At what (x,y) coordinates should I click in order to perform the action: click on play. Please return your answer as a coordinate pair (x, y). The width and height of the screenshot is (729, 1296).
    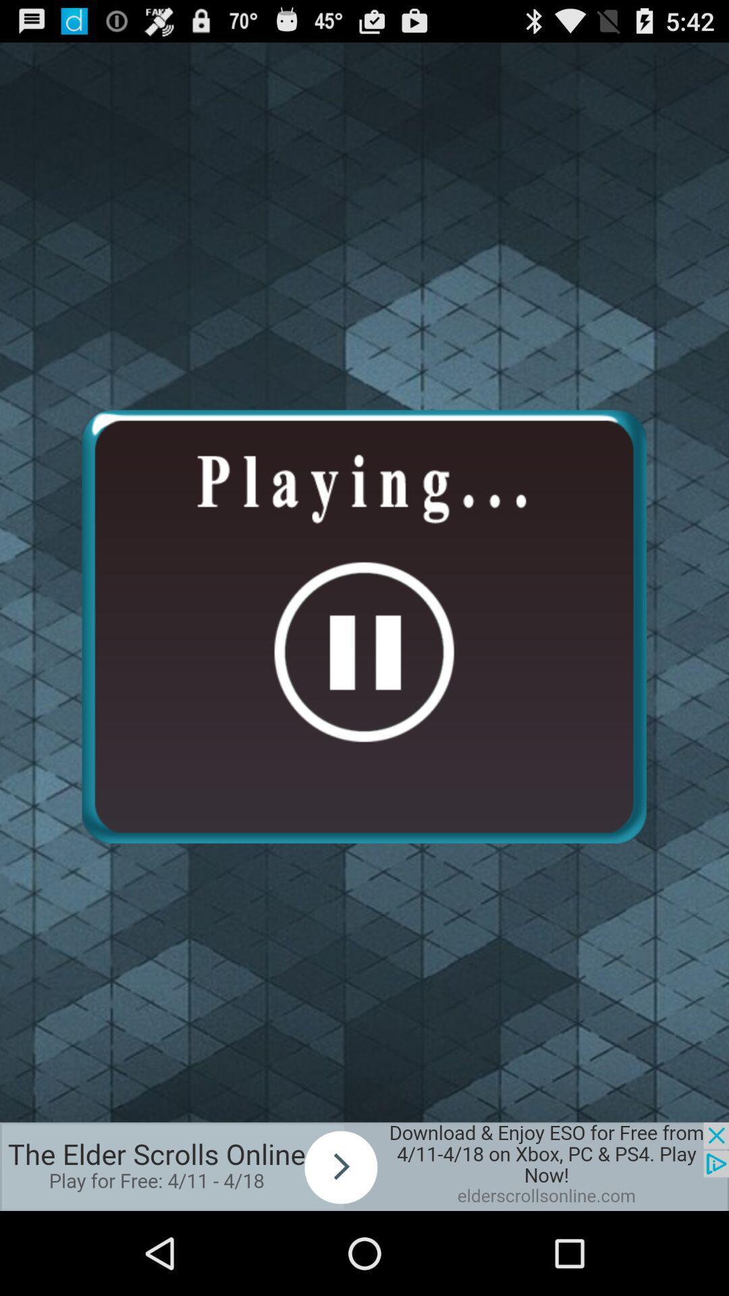
    Looking at the image, I should click on (364, 1166).